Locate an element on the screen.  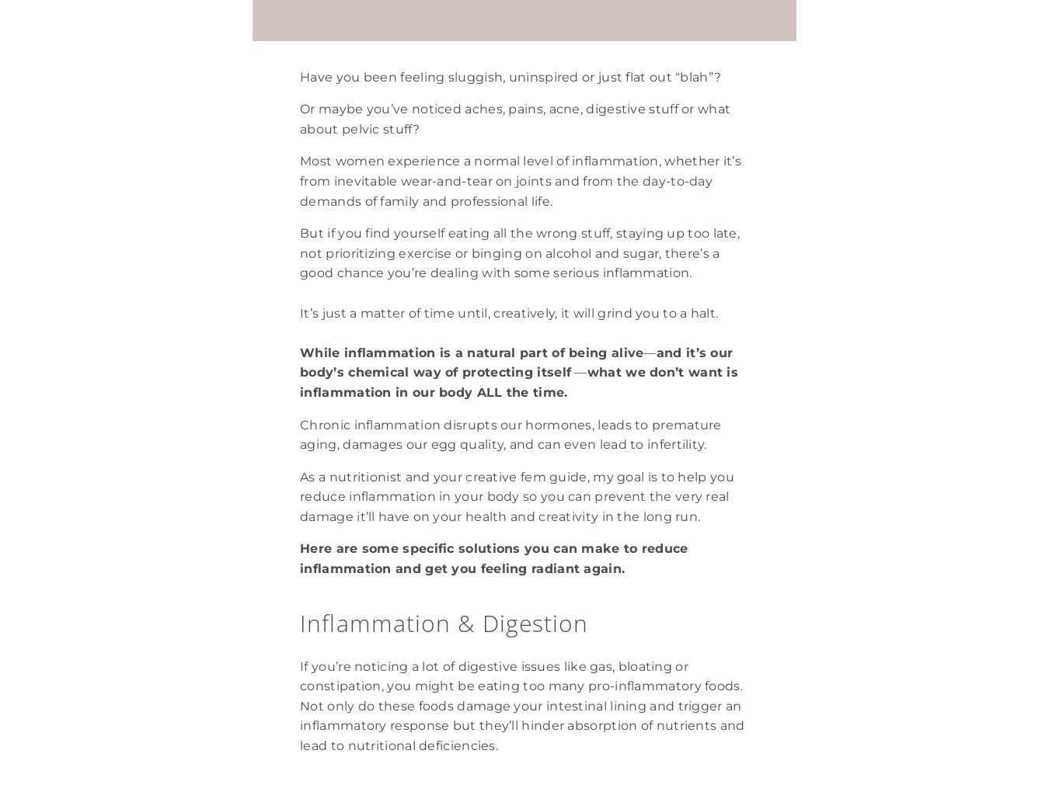
'It’s just a matter of time until, creatively, it will grind you to a halt.' is located at coordinates (511, 311).